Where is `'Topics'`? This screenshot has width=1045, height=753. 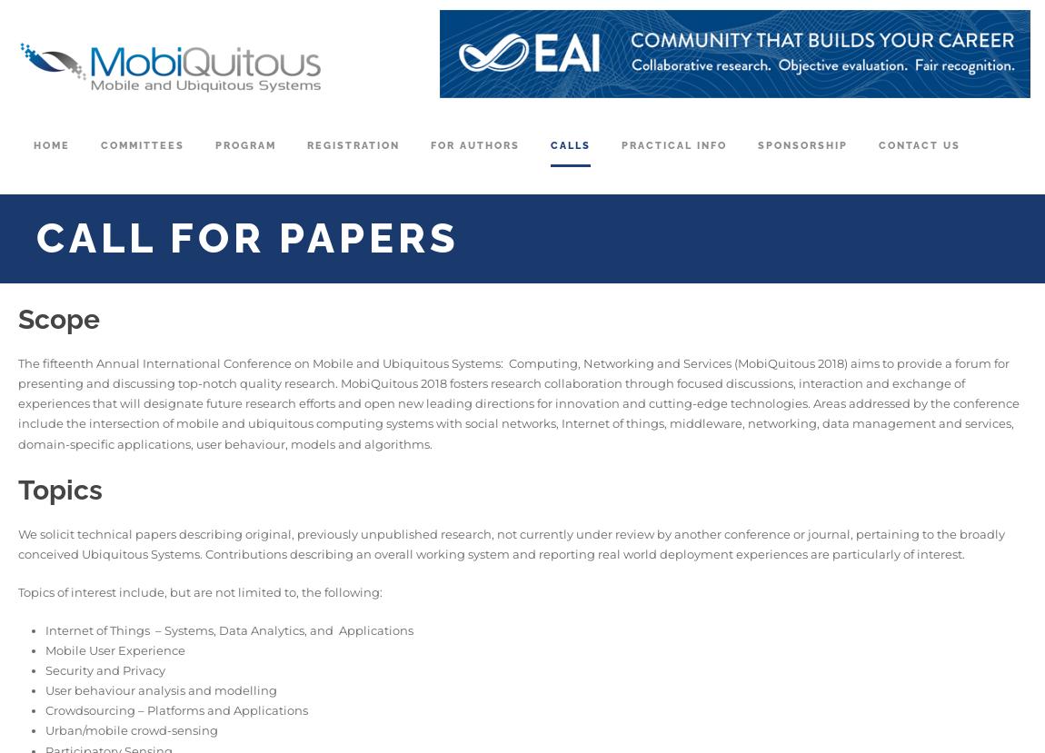 'Topics' is located at coordinates (59, 489).